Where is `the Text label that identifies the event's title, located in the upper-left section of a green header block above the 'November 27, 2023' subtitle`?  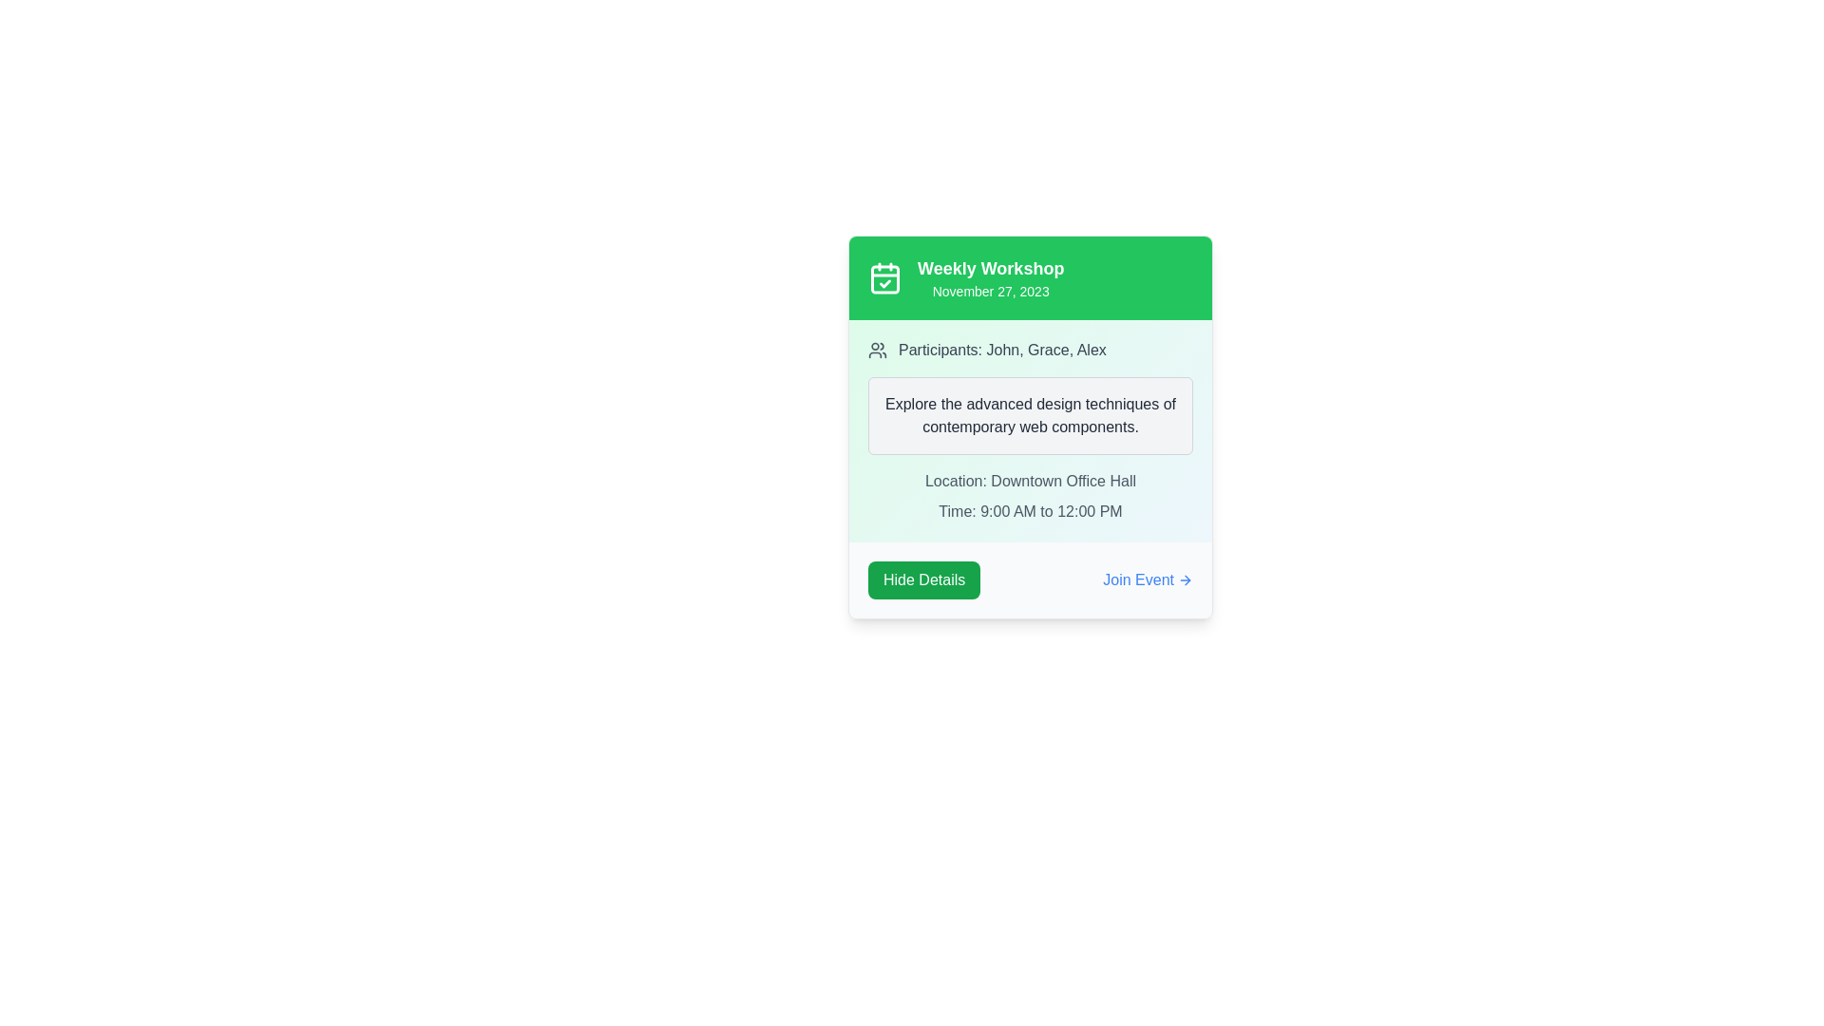 the Text label that identifies the event's title, located in the upper-left section of a green header block above the 'November 27, 2023' subtitle is located at coordinates (990, 268).